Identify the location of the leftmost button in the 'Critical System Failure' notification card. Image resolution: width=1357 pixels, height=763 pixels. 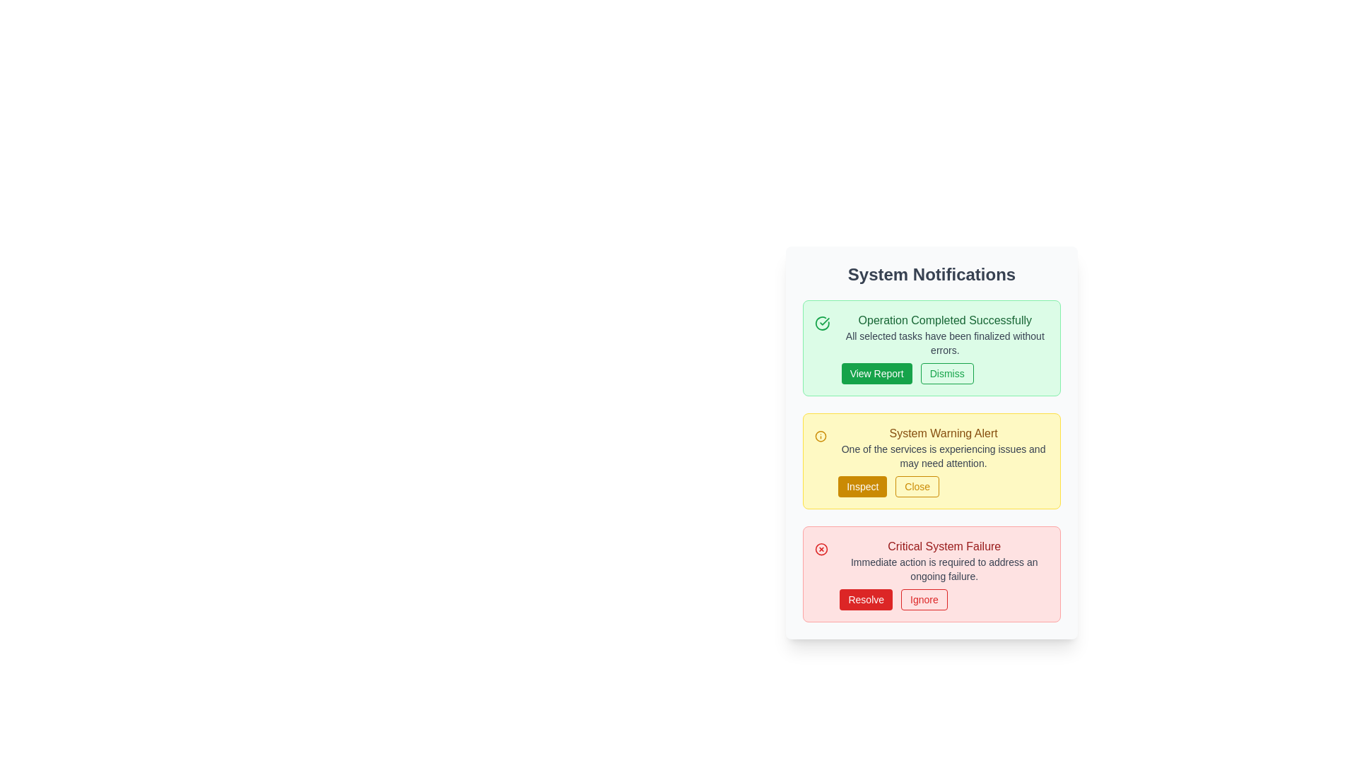
(865, 599).